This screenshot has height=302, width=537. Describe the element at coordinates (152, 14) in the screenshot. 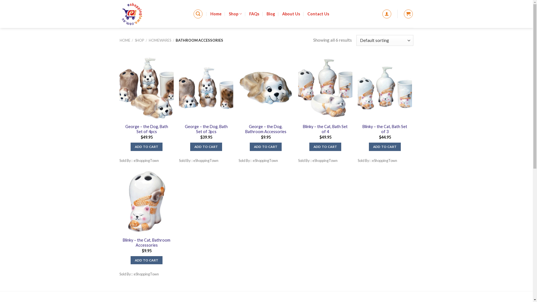

I see `'eShoppingTown'` at that location.